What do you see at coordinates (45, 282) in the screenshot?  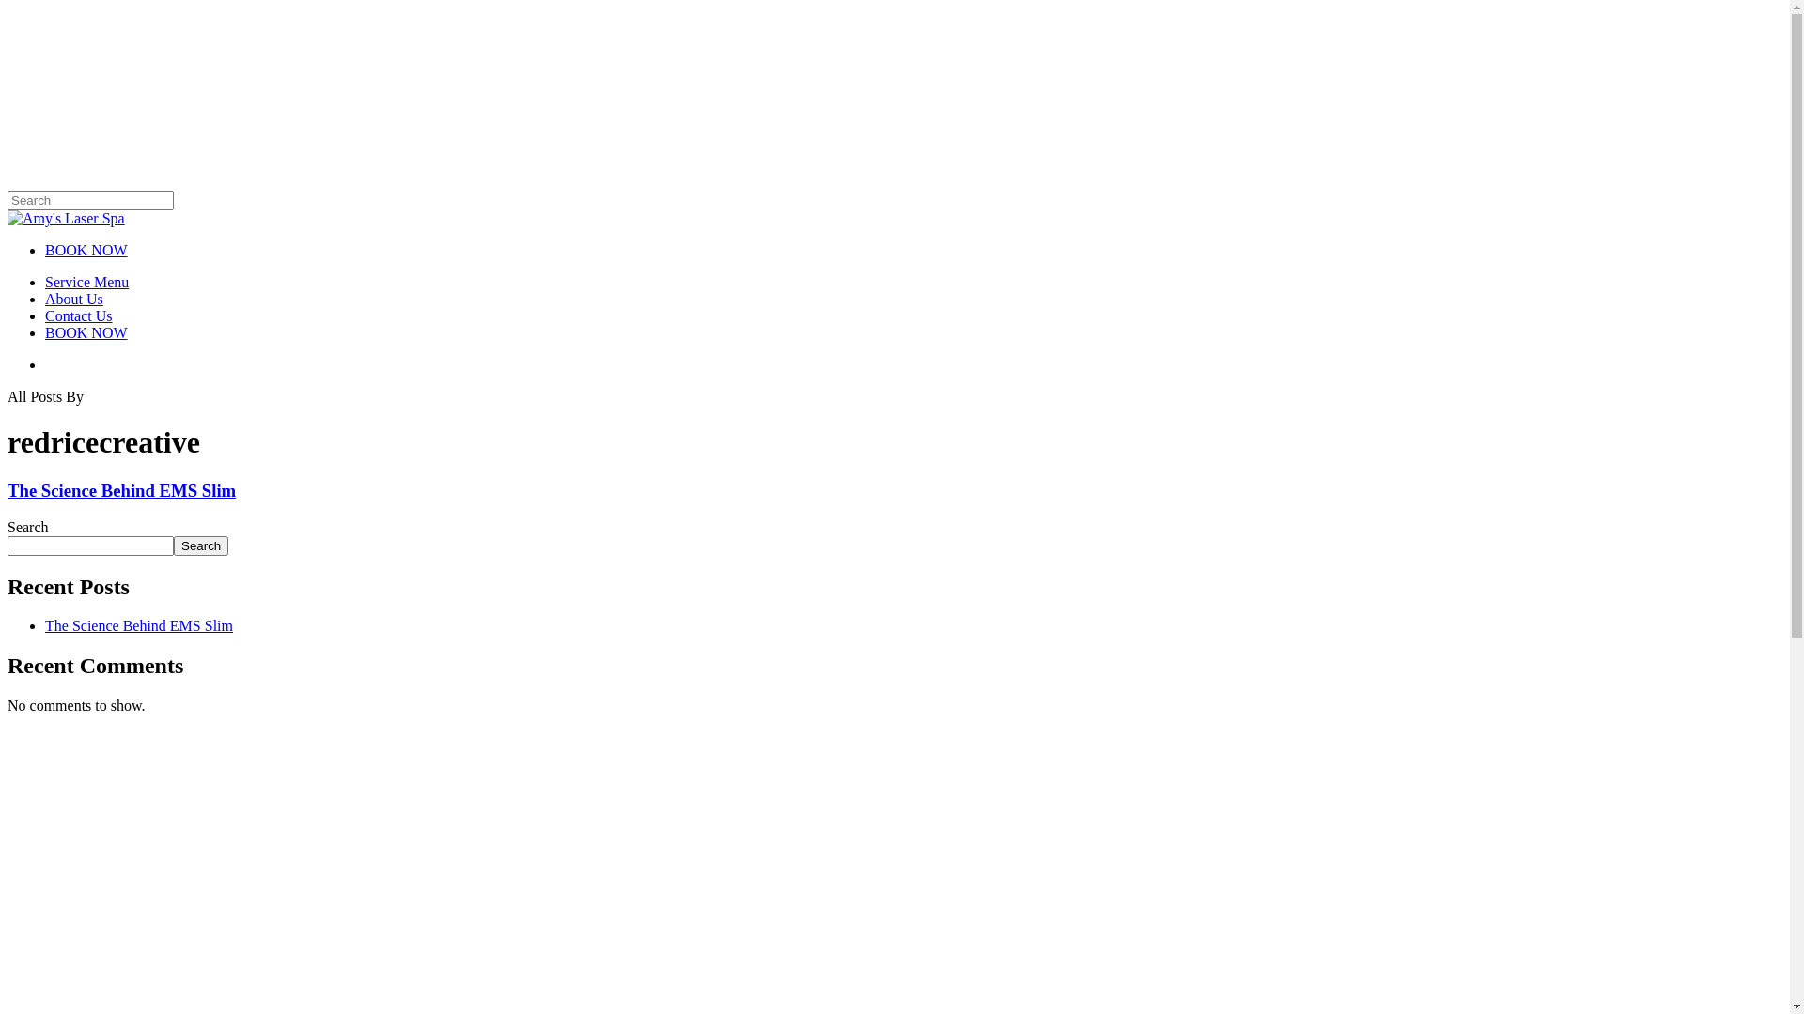 I see `'Service Menu'` at bounding box center [45, 282].